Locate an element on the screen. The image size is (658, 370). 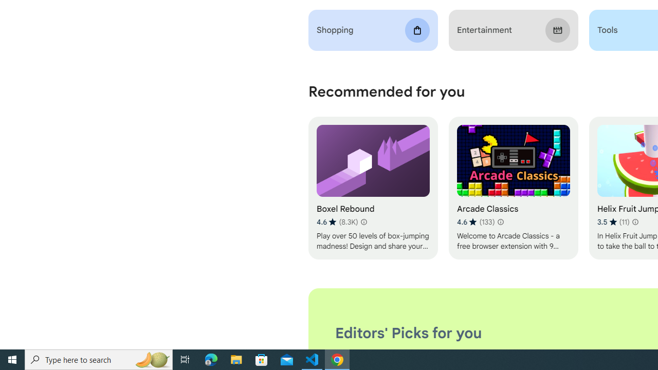
'Average rating 4.6 out of 5 stars. 133 ratings.' is located at coordinates (475, 221).